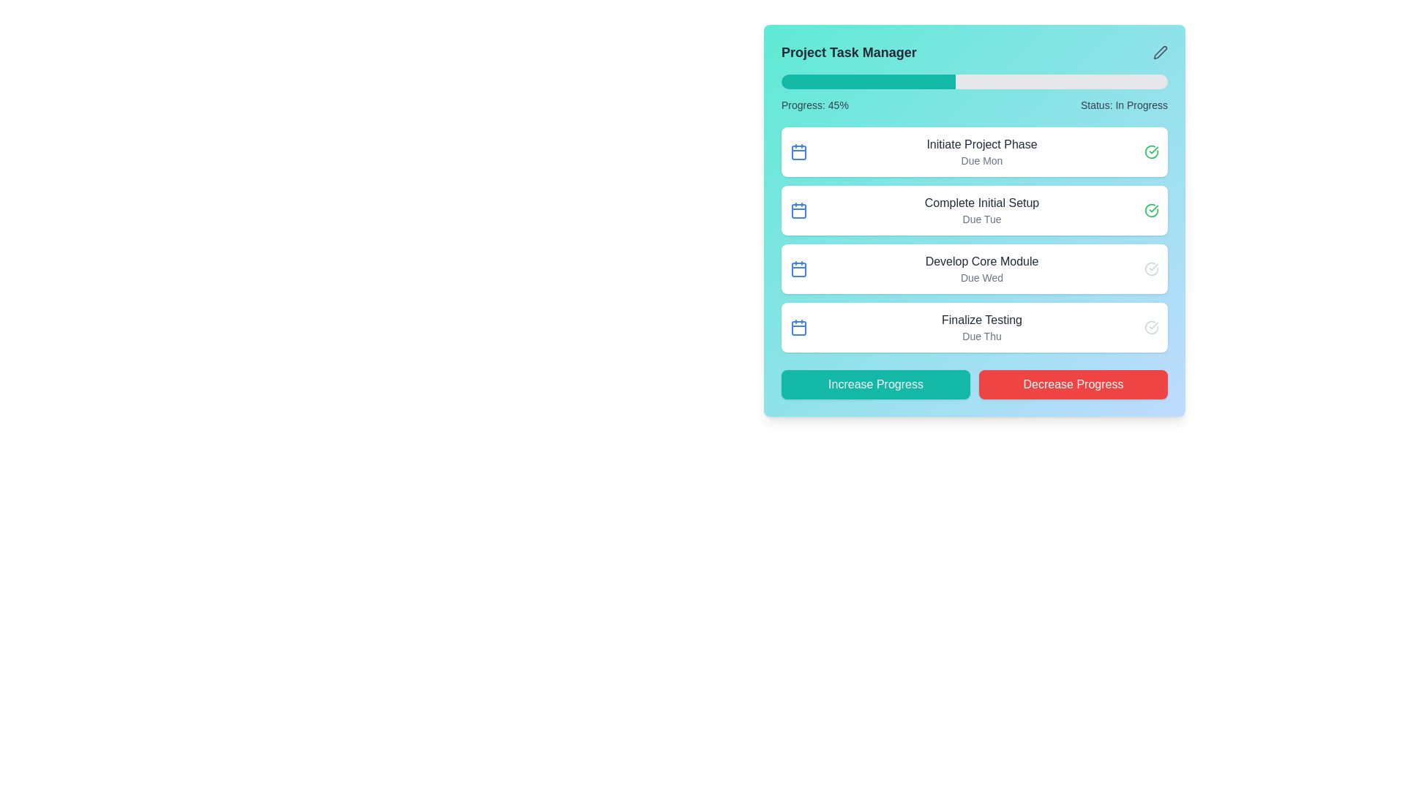  What do you see at coordinates (1151, 211) in the screenshot?
I see `the green circular icon with a checkmark in the center, which indicates task completion, located on the right end of the card labeled 'Complete Initial Setup' in the task list area` at bounding box center [1151, 211].